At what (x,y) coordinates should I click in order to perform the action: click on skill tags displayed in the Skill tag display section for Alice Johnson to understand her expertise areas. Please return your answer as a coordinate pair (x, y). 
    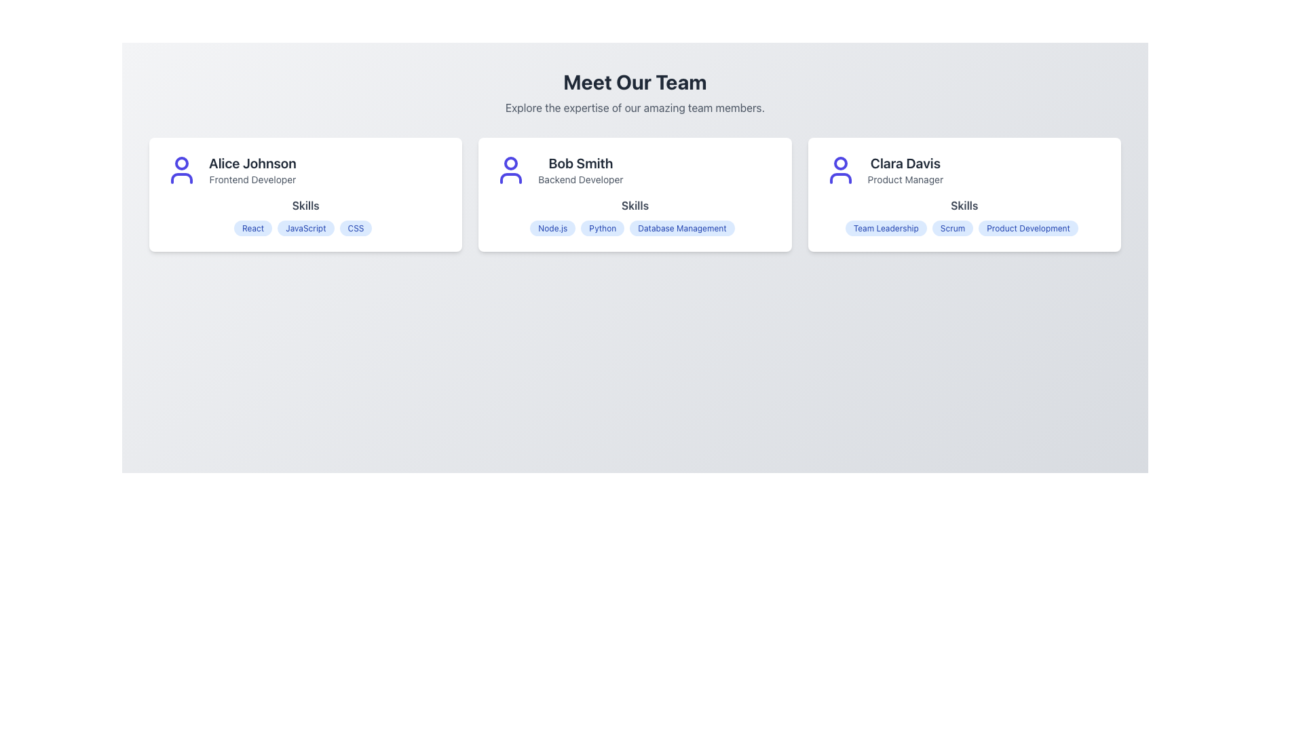
    Looking at the image, I should click on (305, 216).